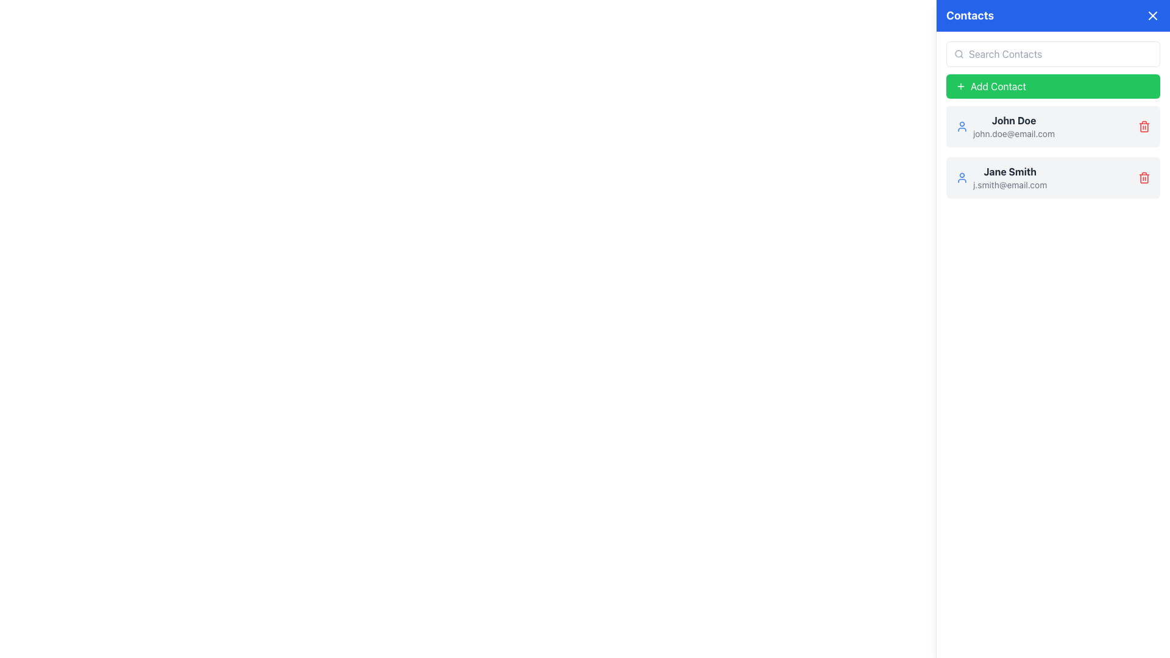  What do you see at coordinates (1052, 86) in the screenshot?
I see `the 'Add Contact' button located at the top of the layout, positioned above the contact cards for 'John Doe' and 'Jane Smith', to initiate adding a new contact` at bounding box center [1052, 86].